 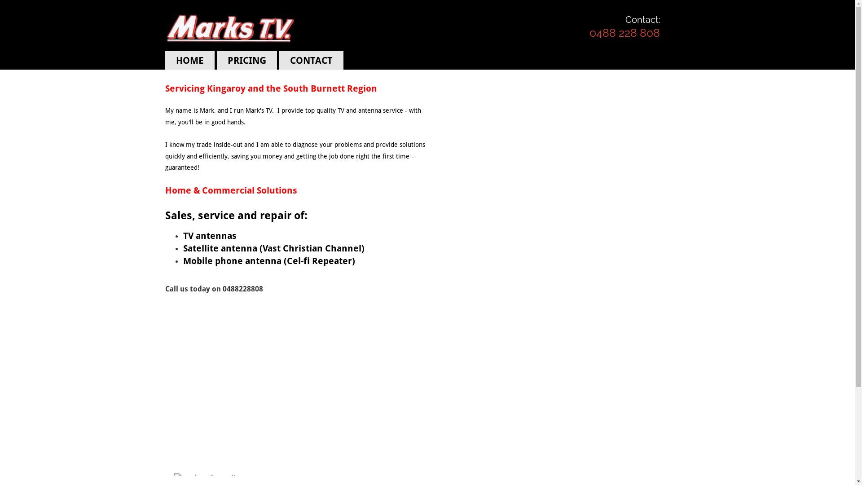 I want to click on 'Marks tv logo', so click(x=230, y=27).